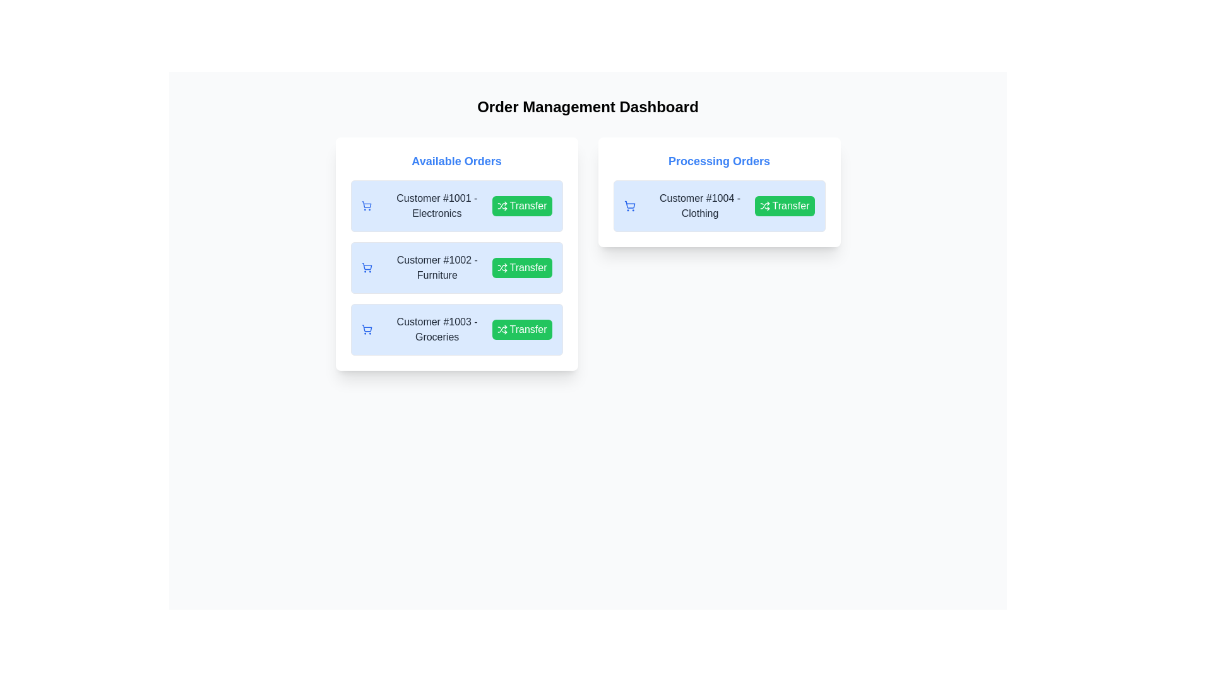  Describe the element at coordinates (699, 206) in the screenshot. I see `the text element displaying the customer ID and category 'Clothing' in the 'Processing Orders' section to possibly reveal more information` at that location.